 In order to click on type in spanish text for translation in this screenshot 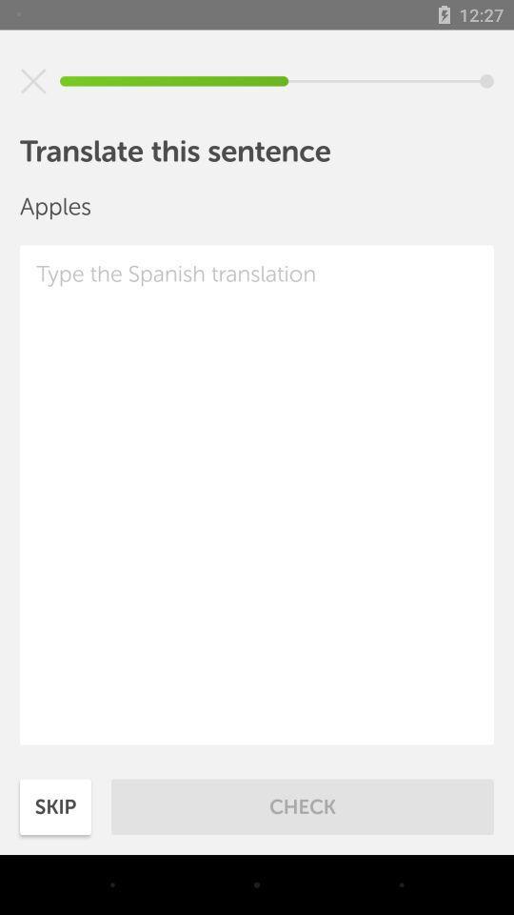, I will do `click(257, 494)`.